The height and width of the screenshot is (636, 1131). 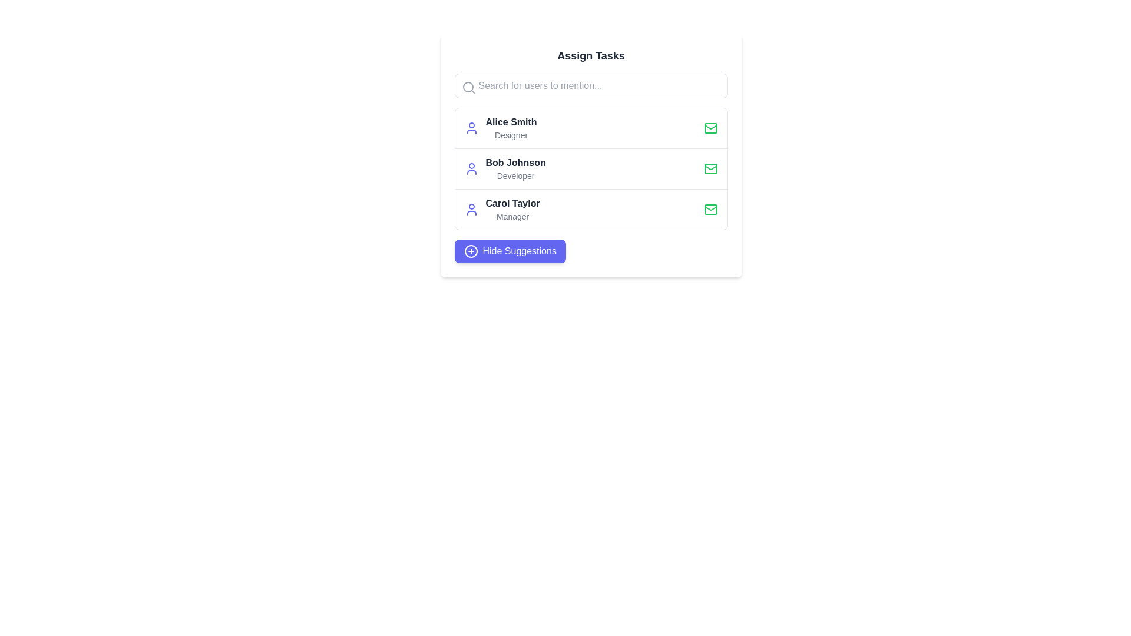 What do you see at coordinates (710, 208) in the screenshot?
I see `the email icon button associated with 'Carol Taylor, Manager' located in the third row of the list` at bounding box center [710, 208].